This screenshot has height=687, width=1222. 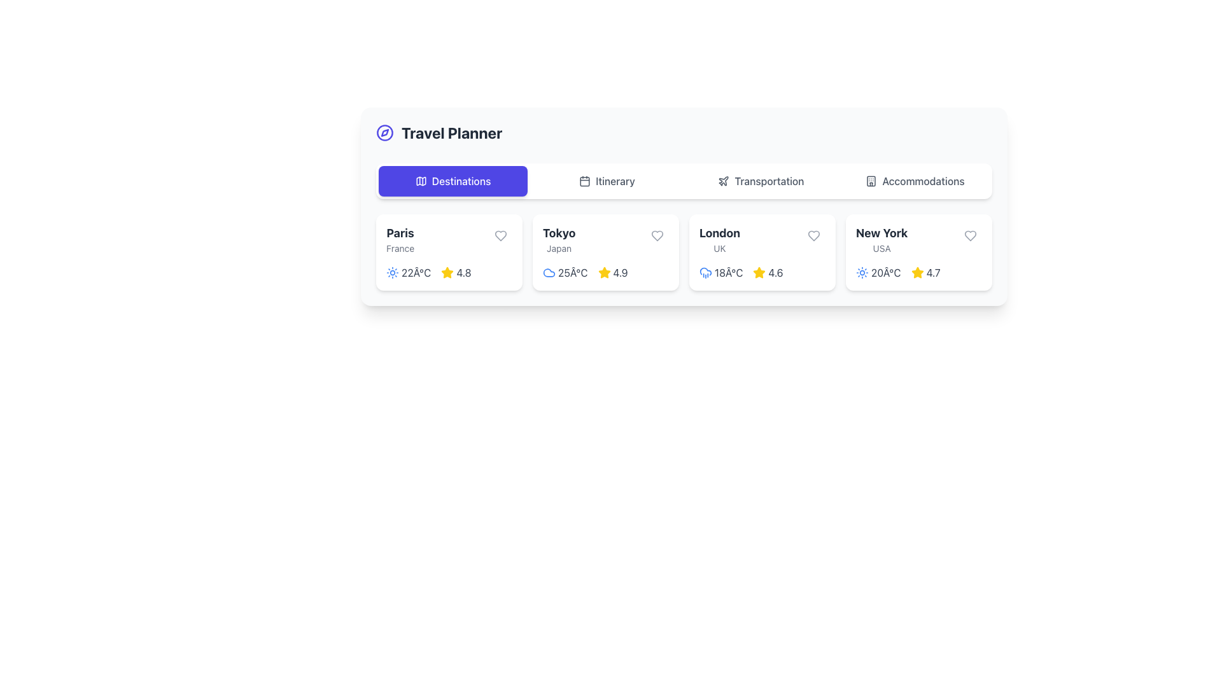 I want to click on text from the bold, large dark gray text label that spells 'New York', located at the top-left side of the New York destination card, so click(x=881, y=233).